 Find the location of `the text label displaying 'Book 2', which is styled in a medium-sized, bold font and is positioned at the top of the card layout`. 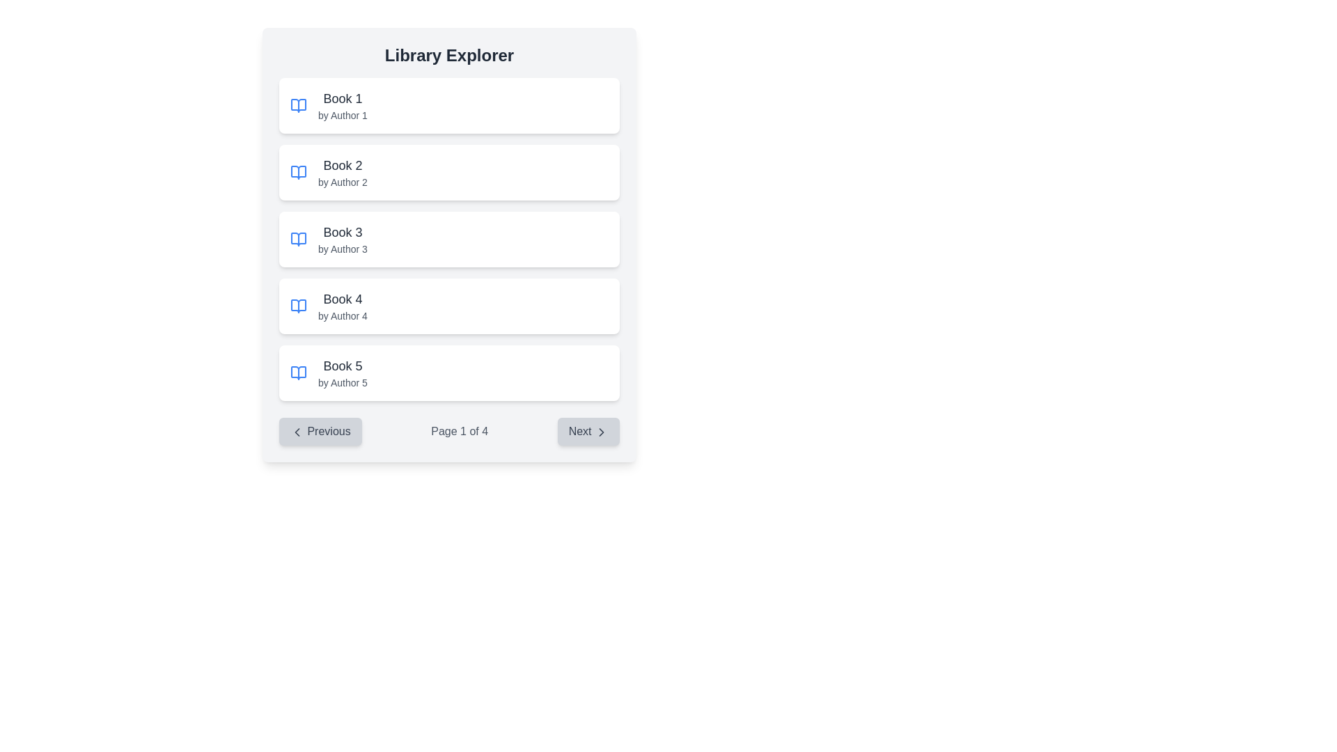

the text label displaying 'Book 2', which is styled in a medium-sized, bold font and is positioned at the top of the card layout is located at coordinates (343, 165).